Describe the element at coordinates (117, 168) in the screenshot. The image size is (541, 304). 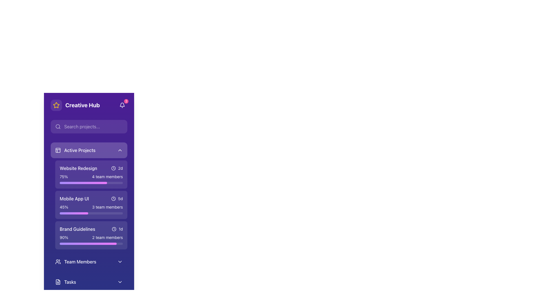
I see `the text '2d' with the adjacent clock icon located in the upper-right region of the 'Website Redesign' section to interact or access related features` at that location.